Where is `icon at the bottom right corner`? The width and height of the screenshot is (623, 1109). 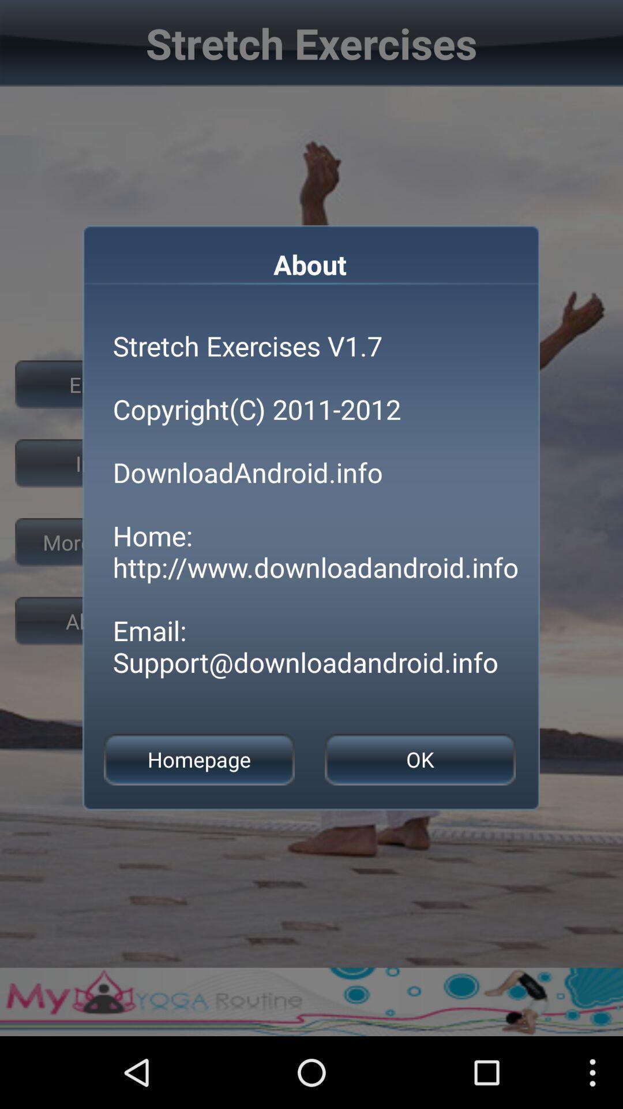 icon at the bottom right corner is located at coordinates (420, 760).